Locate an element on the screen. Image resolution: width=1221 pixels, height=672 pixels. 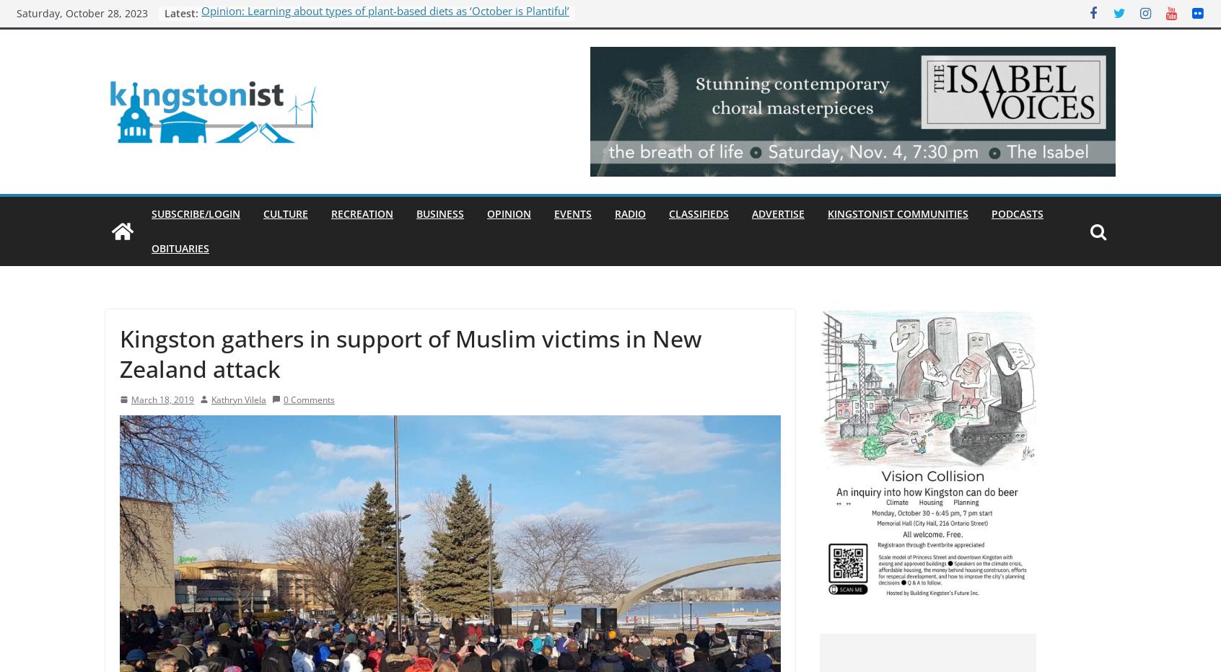
'Advertise' is located at coordinates (778, 213).